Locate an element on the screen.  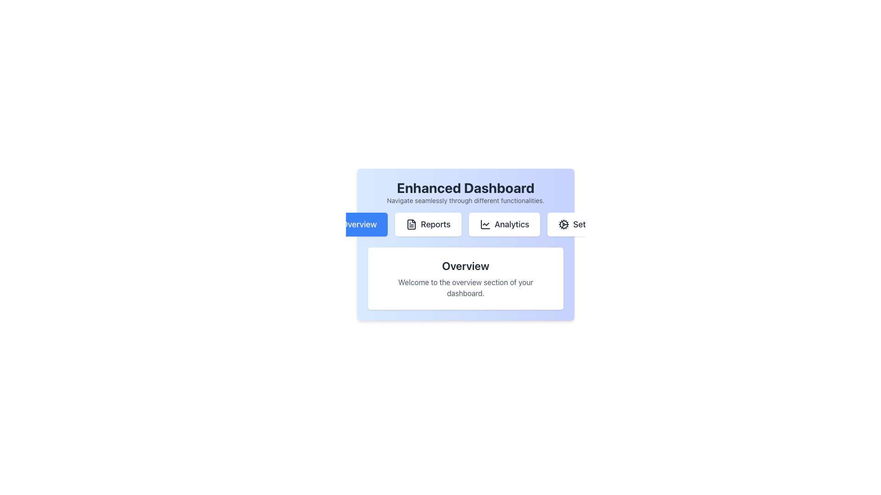
the 'Settings' button located at the rightmost side of the navigation bar is located at coordinates (581, 224).